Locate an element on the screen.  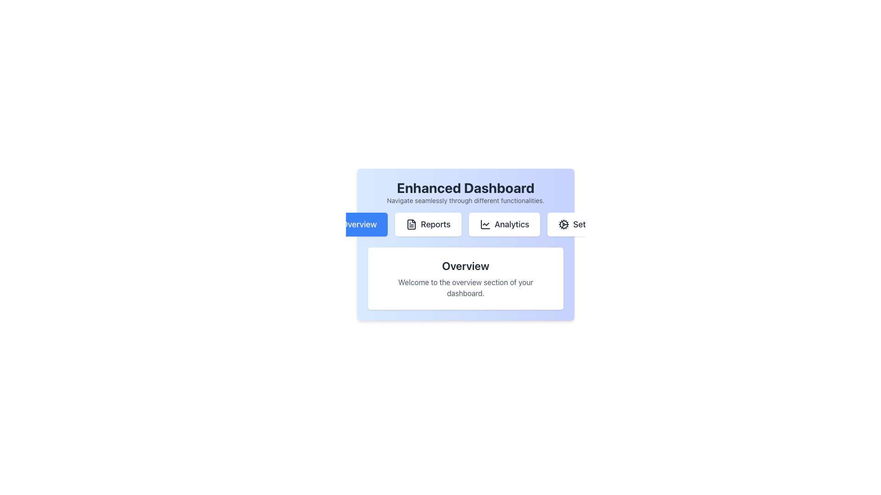
the 'Settings' button located at the rightmost side of the navigation bar is located at coordinates (581, 224).